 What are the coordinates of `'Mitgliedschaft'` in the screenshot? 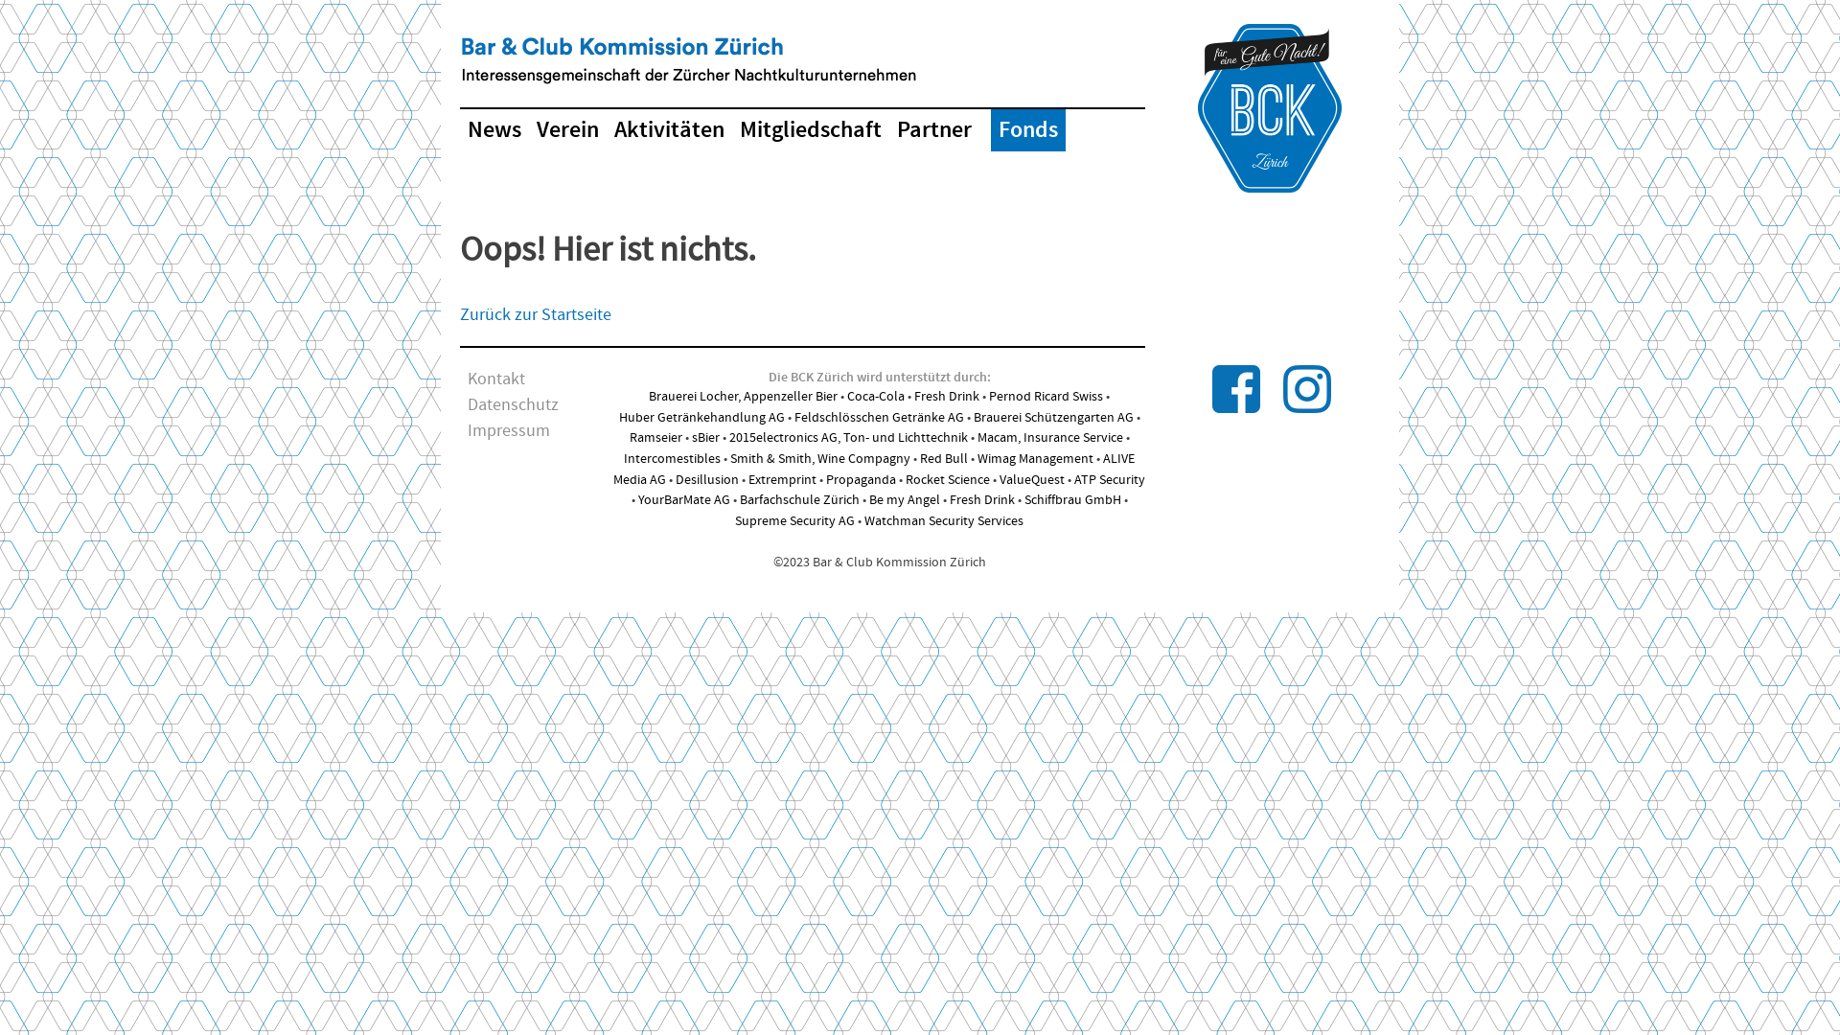 It's located at (730, 129).